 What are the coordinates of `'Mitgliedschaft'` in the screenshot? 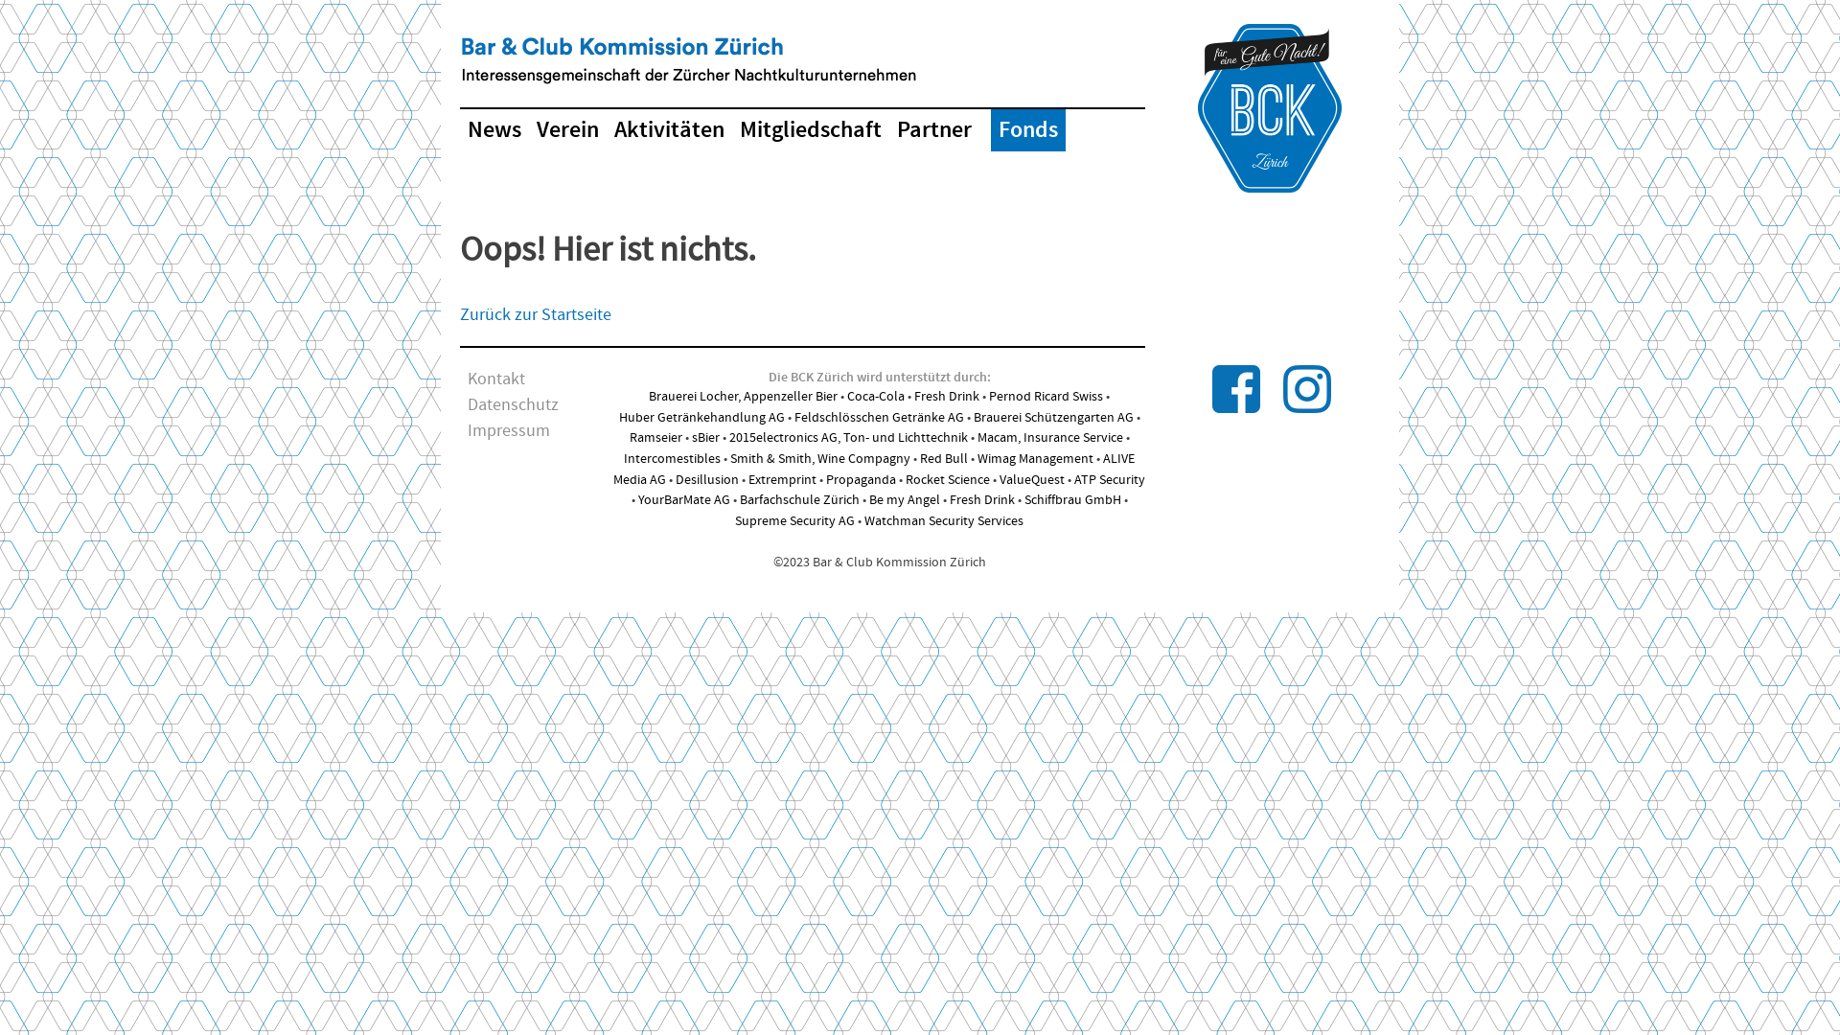 It's located at (730, 129).